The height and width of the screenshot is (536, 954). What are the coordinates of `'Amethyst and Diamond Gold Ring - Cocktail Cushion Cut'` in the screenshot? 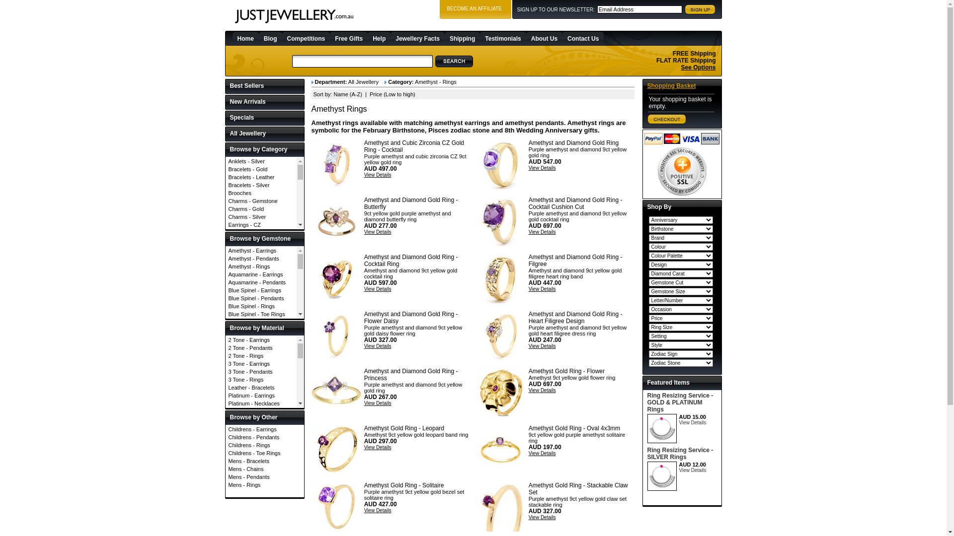 It's located at (575, 202).